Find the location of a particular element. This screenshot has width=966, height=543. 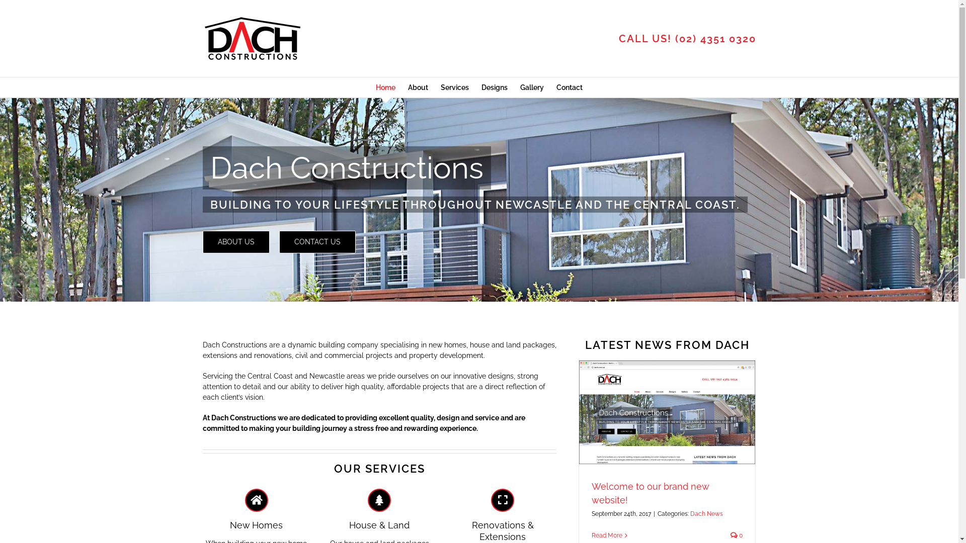

'Welcome to our brand new website!' is located at coordinates (650, 492).